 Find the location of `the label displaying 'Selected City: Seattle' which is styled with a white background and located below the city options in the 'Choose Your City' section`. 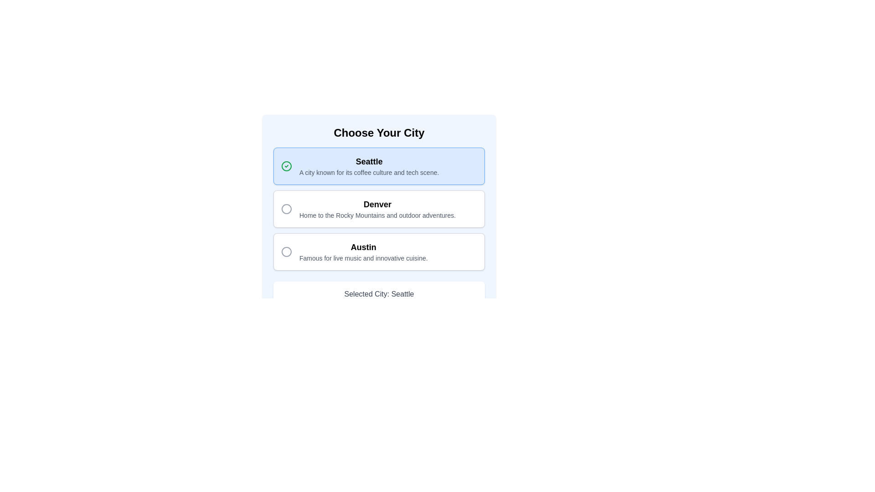

the label displaying 'Selected City: Seattle' which is styled with a white background and located below the city options in the 'Choose Your City' section is located at coordinates (379, 294).